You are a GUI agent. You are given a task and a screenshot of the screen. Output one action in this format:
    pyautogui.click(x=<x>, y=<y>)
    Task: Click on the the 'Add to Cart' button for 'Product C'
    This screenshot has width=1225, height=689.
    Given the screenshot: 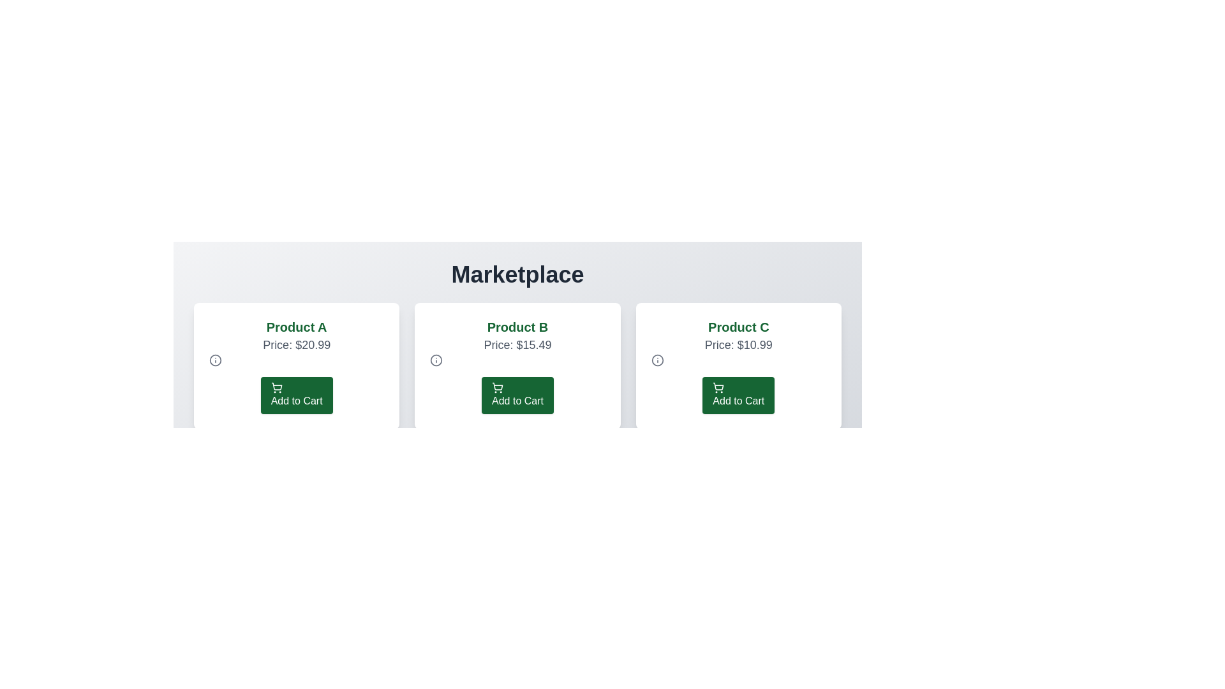 What is the action you would take?
    pyautogui.click(x=738, y=395)
    